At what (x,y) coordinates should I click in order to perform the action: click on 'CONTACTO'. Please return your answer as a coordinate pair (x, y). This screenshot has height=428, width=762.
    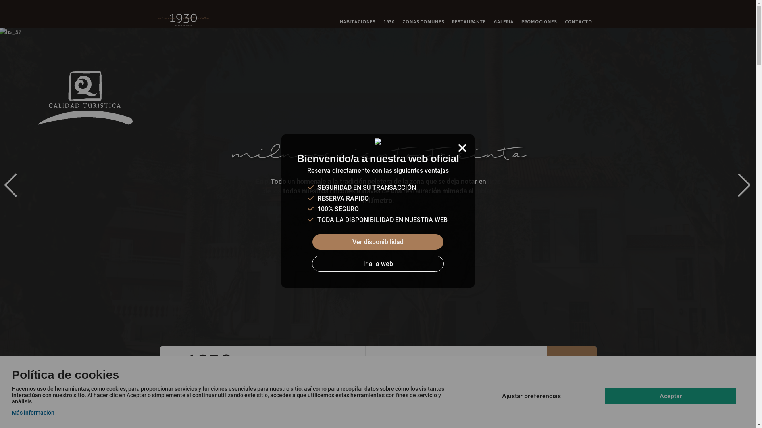
    Looking at the image, I should click on (578, 21).